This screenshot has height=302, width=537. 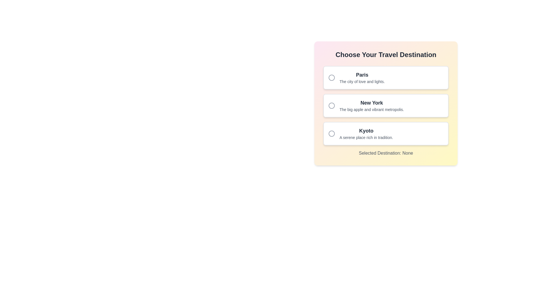 I want to click on the 'New York' text label, which serves as the label for the second option in a vertical list of three options, to associate it with the option's selection behavior, so click(x=372, y=106).